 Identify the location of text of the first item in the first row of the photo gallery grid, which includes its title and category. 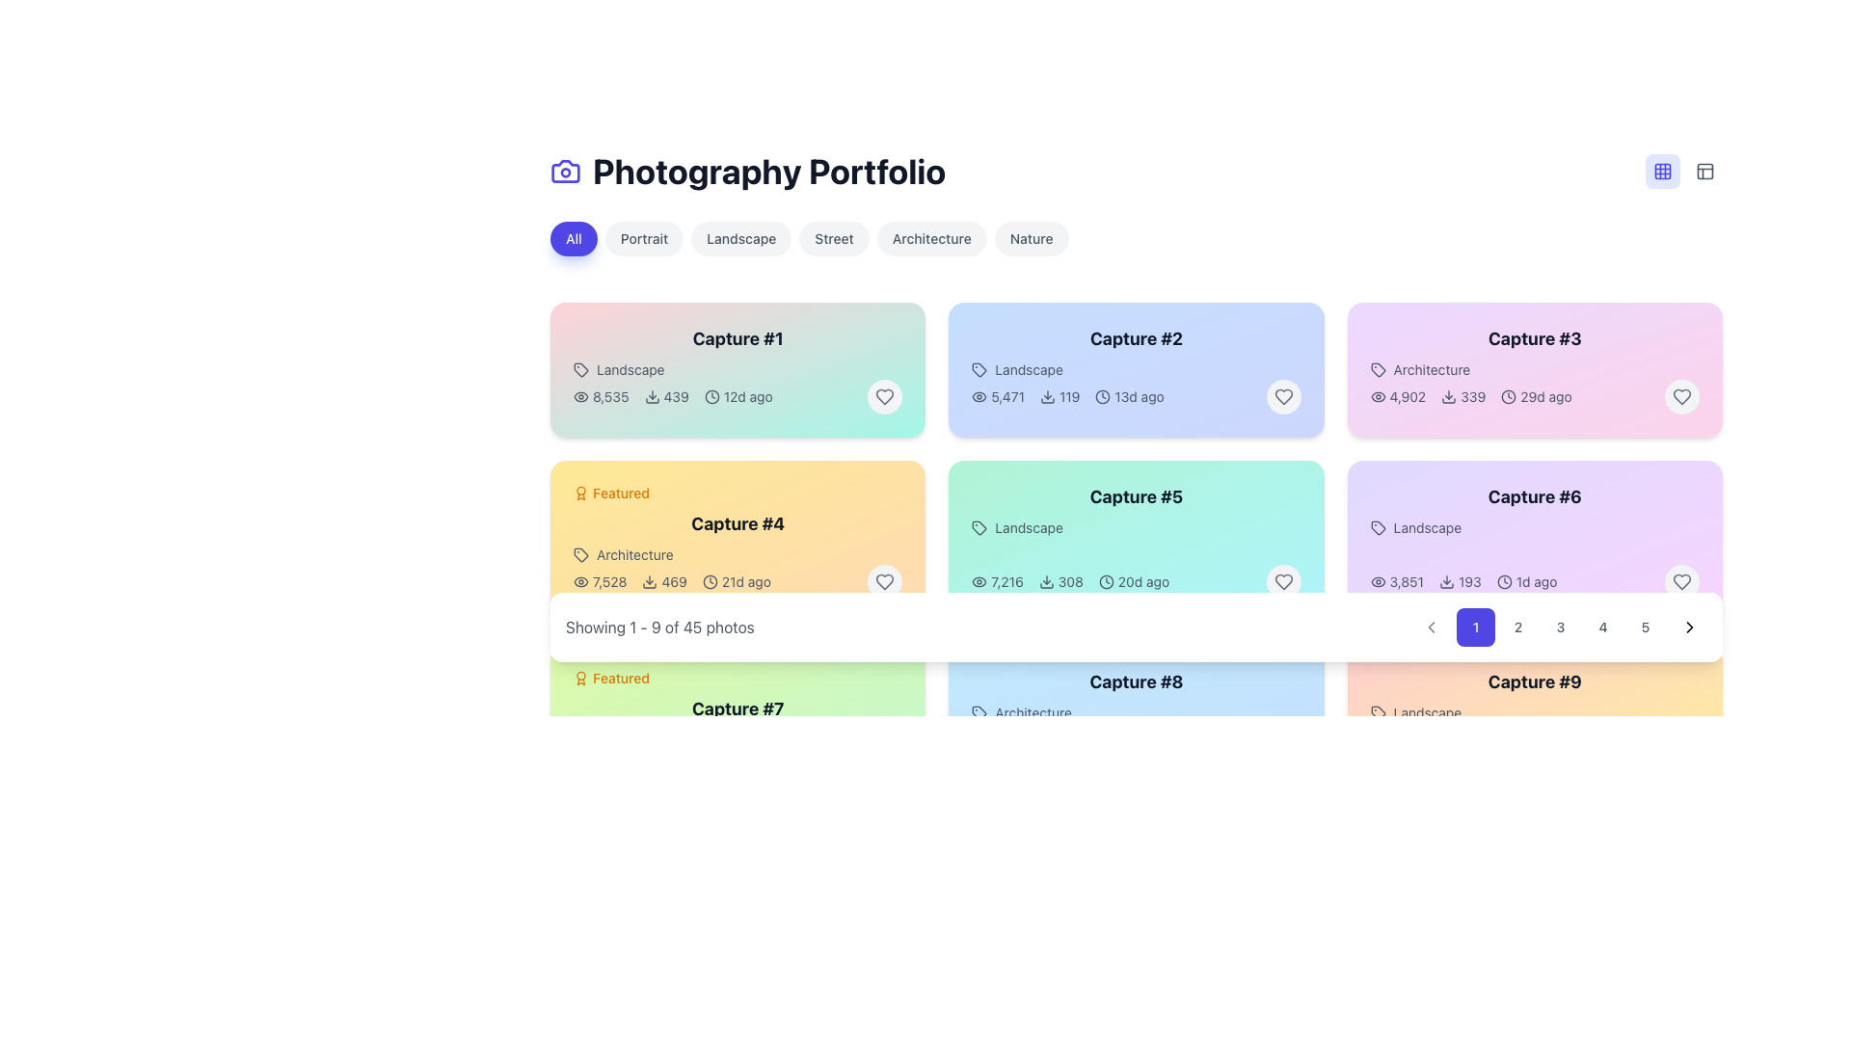
(737, 353).